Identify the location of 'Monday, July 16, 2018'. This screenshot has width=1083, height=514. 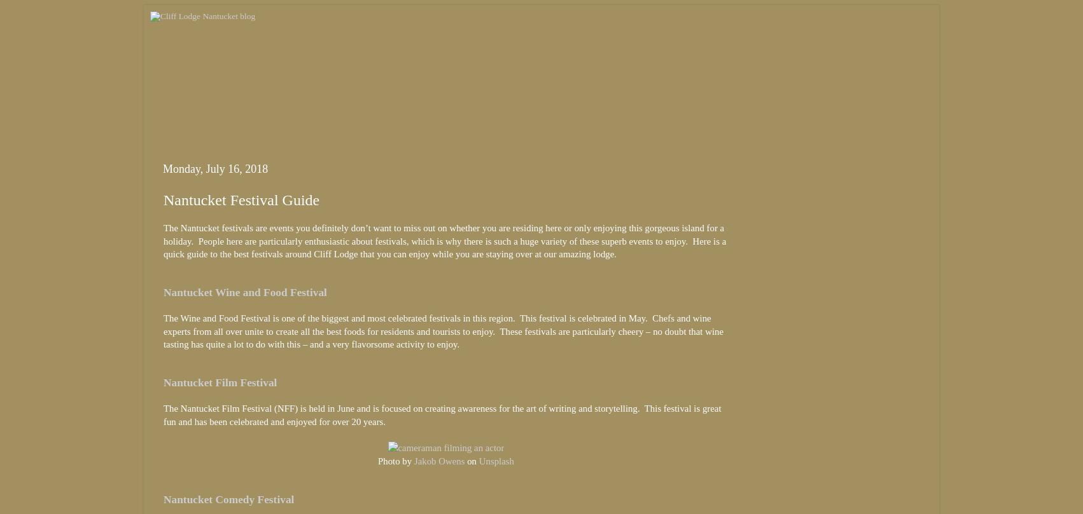
(215, 168).